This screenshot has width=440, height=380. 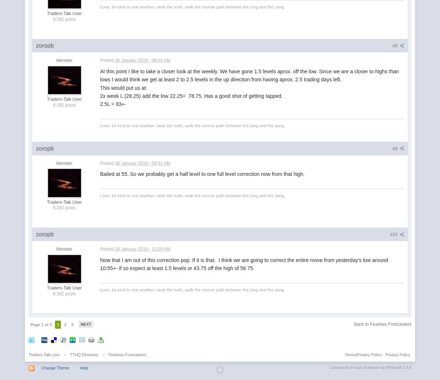 What do you see at coordinates (85, 324) in the screenshot?
I see `'Next'` at bounding box center [85, 324].